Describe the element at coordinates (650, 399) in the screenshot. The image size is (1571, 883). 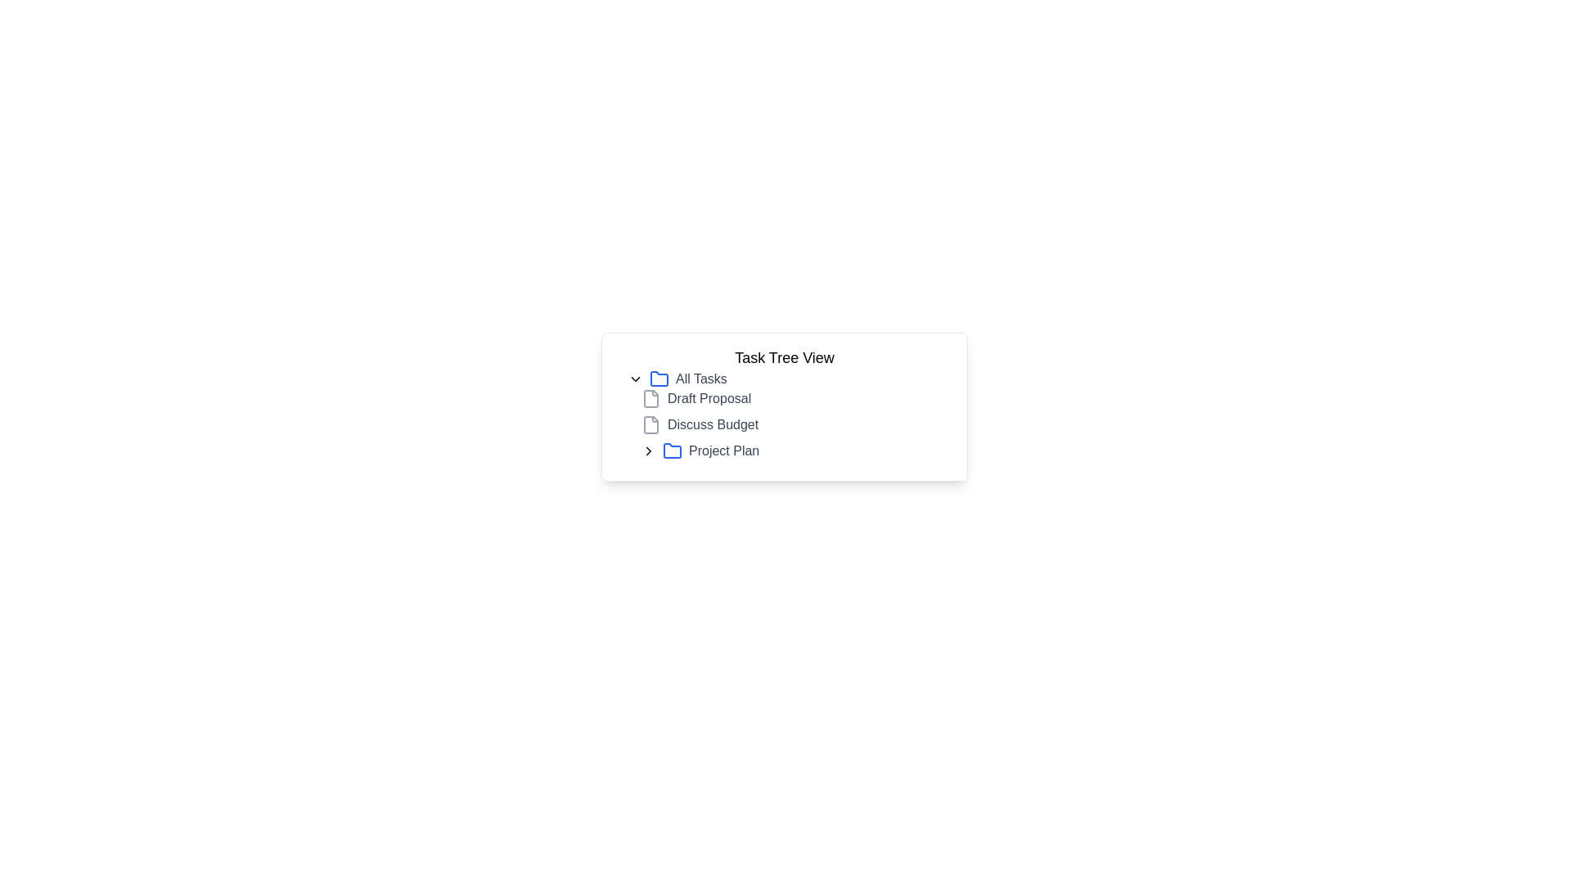
I see `the document icon representing the 'Draft Proposal' item in the task tree` at that location.